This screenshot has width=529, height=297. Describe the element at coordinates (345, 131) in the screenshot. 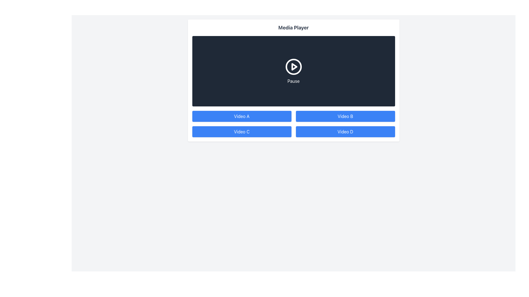

I see `the rectangular button labeled 'Video D'` at that location.